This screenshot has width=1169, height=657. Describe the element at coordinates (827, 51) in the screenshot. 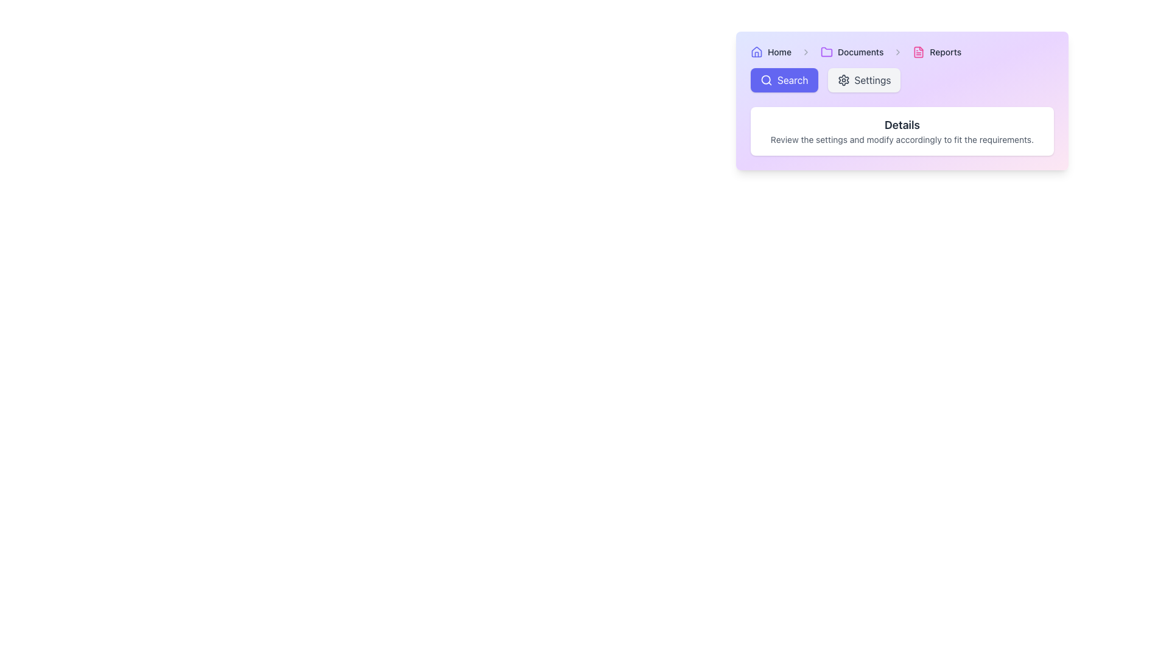

I see `the folder icon in the breadcrumb navigation, which is positioned to the left of the text 'Documents'` at that location.